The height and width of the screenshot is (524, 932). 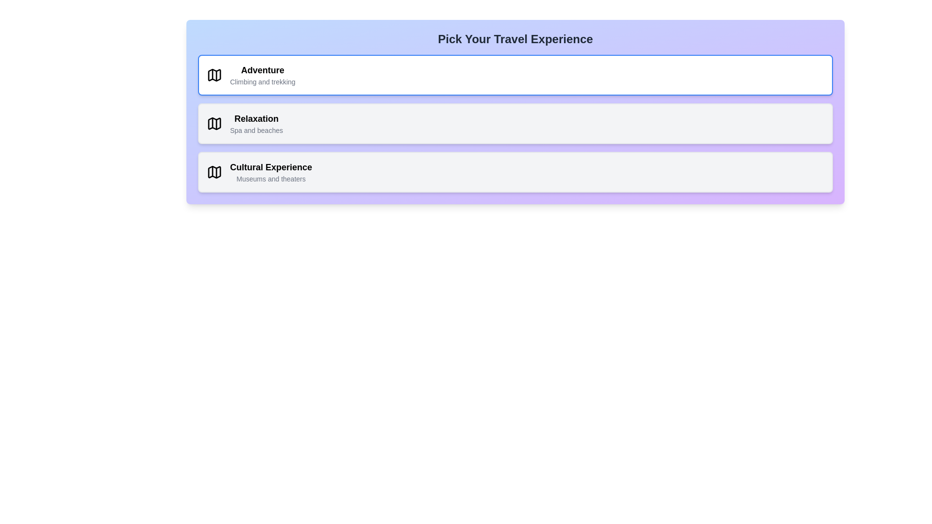 What do you see at coordinates (271, 171) in the screenshot?
I see `the Text Display for 'Cultural Experience', the bottommost option under 'Pick Your Travel Experience'` at bounding box center [271, 171].